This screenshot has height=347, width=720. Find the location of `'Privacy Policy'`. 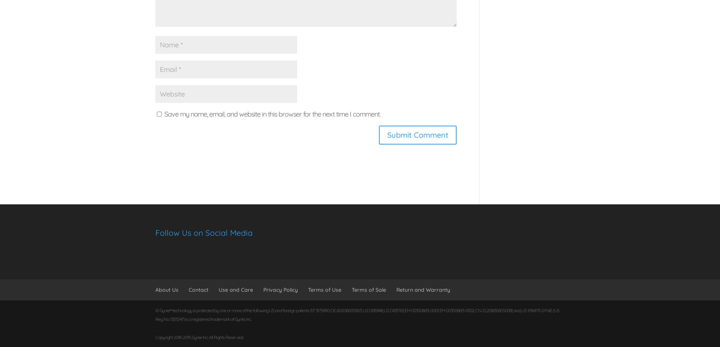

'Privacy Policy' is located at coordinates (263, 289).